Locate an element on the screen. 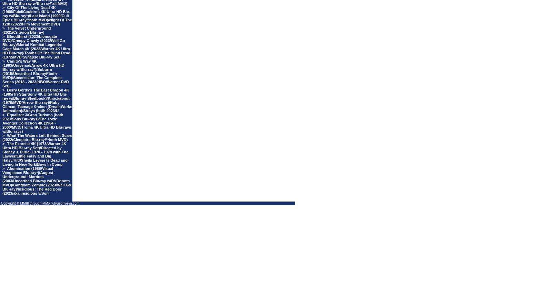 The image size is (553, 282). 'What The Waters Left Behind: Scars (2022/Cleopatra Blu-ray/**both MVD)' is located at coordinates (37, 137).